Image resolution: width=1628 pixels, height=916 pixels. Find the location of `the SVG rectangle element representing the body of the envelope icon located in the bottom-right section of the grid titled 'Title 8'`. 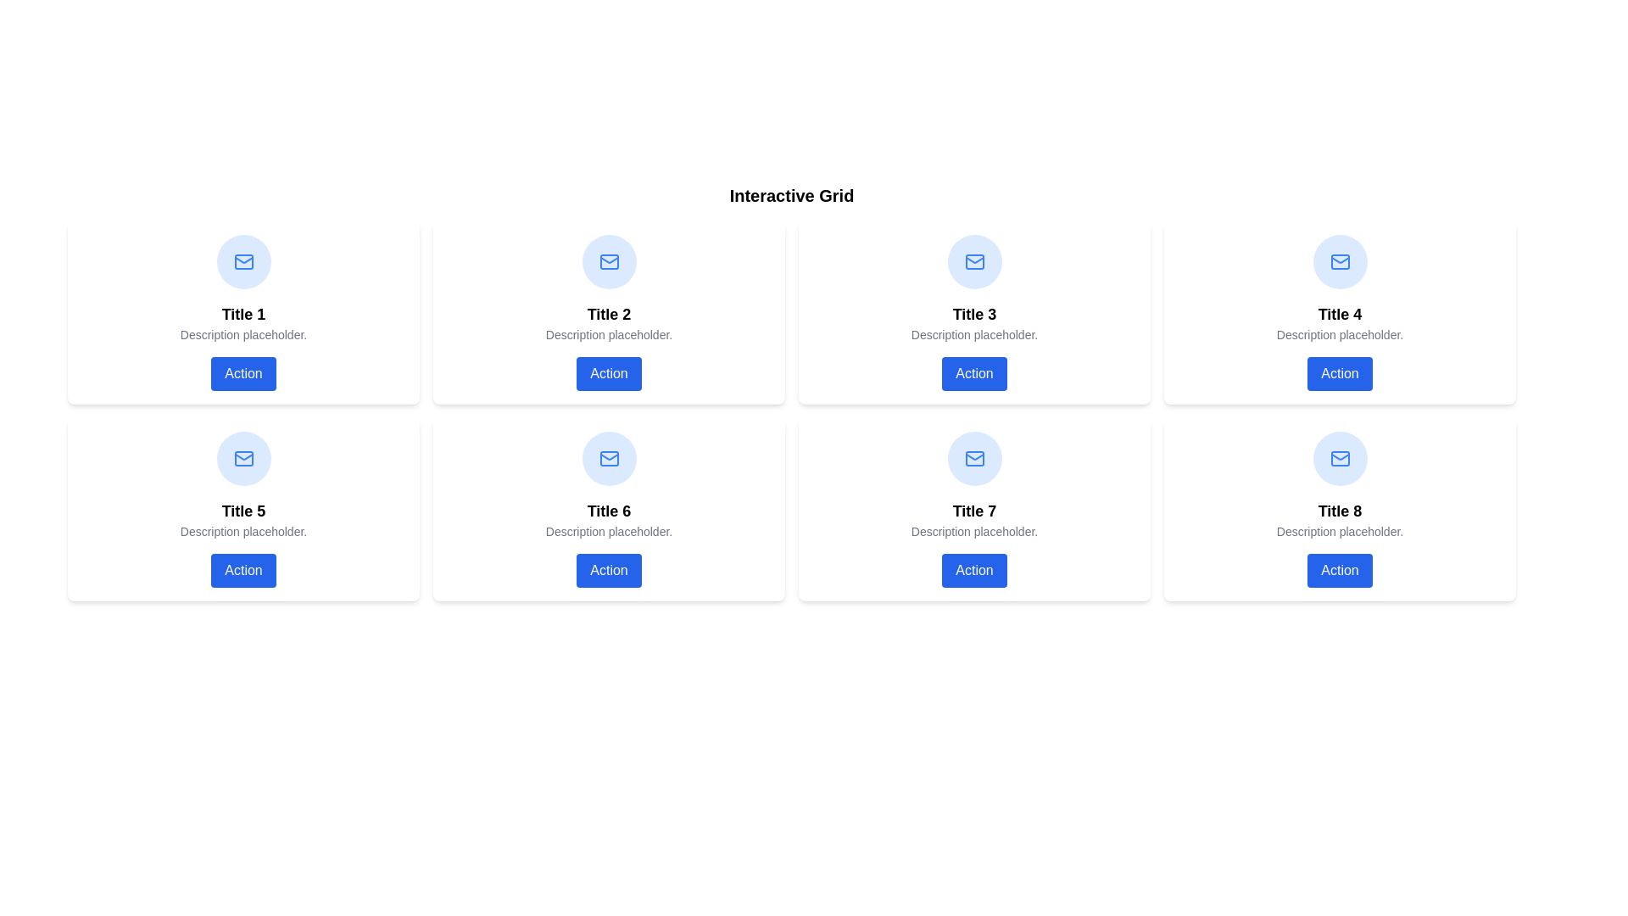

the SVG rectangle element representing the body of the envelope icon located in the bottom-right section of the grid titled 'Title 8' is located at coordinates (1339, 458).